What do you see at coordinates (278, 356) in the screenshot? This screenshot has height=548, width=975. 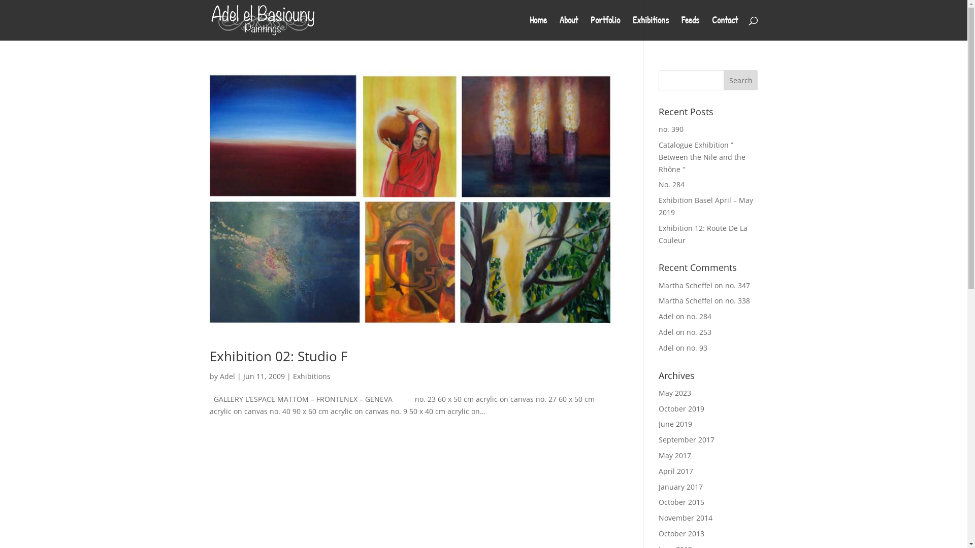 I see `'Exhibition 02: Studio F'` at bounding box center [278, 356].